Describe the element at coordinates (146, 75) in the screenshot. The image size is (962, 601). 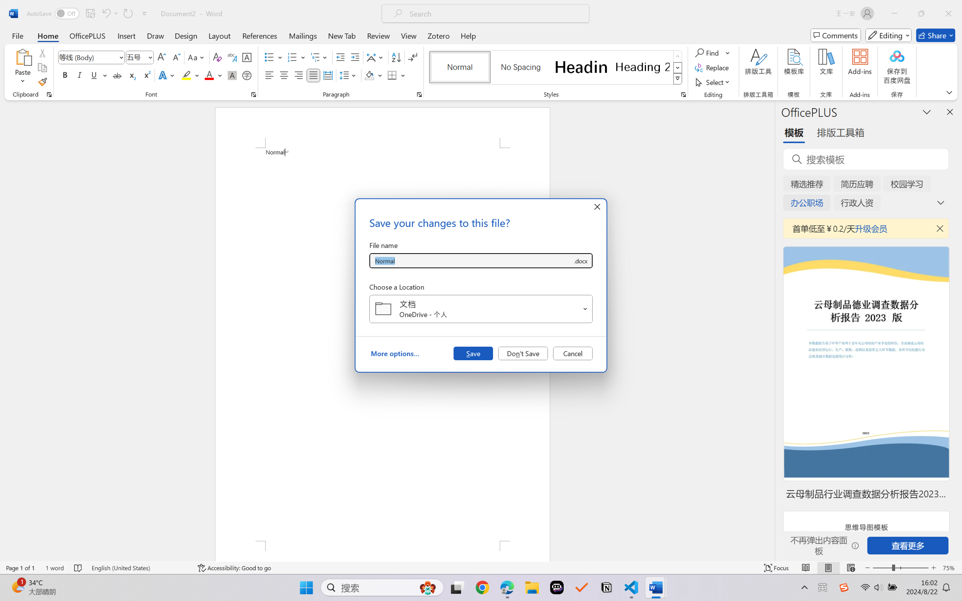
I see `'Superscript'` at that location.